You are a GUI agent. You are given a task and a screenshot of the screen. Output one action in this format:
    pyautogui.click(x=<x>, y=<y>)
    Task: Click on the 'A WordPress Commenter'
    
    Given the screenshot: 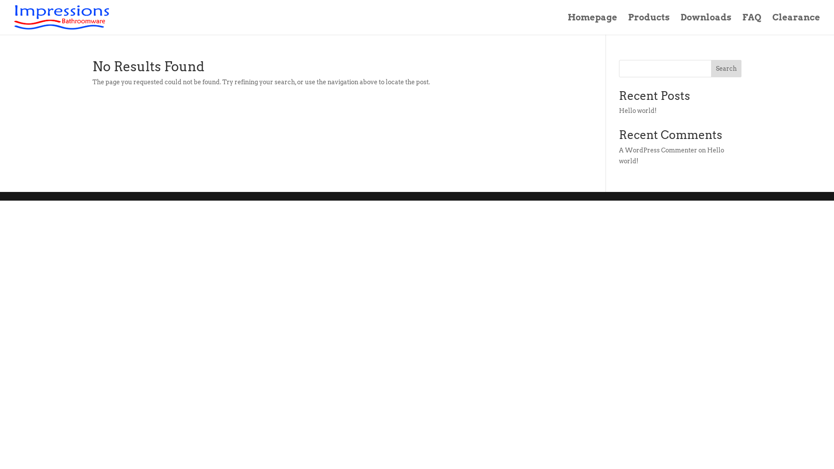 What is the action you would take?
    pyautogui.click(x=658, y=150)
    